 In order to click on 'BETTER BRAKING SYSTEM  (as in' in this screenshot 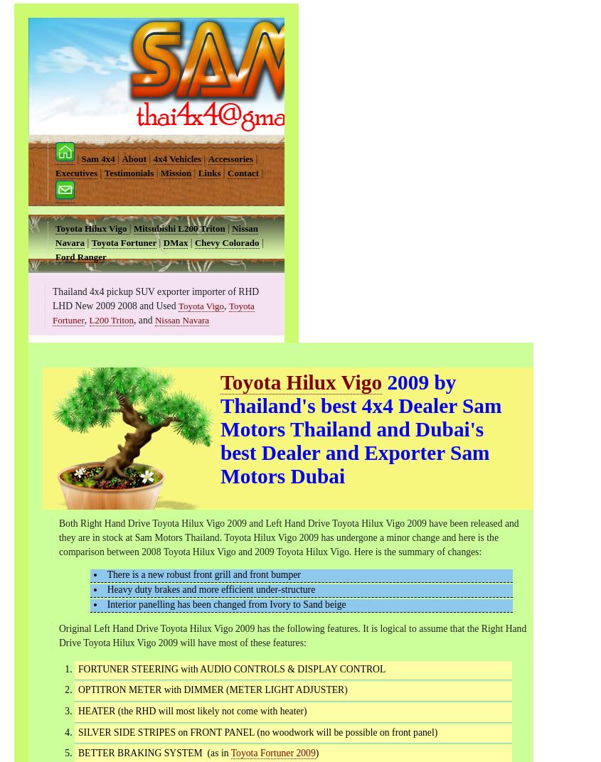, I will do `click(153, 753)`.